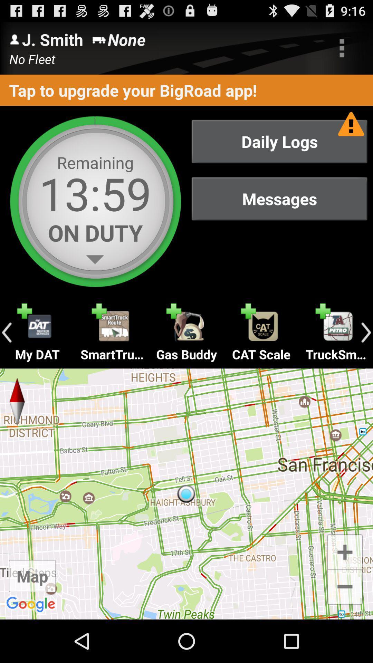  What do you see at coordinates (279, 141) in the screenshot?
I see `the item above messages item` at bounding box center [279, 141].